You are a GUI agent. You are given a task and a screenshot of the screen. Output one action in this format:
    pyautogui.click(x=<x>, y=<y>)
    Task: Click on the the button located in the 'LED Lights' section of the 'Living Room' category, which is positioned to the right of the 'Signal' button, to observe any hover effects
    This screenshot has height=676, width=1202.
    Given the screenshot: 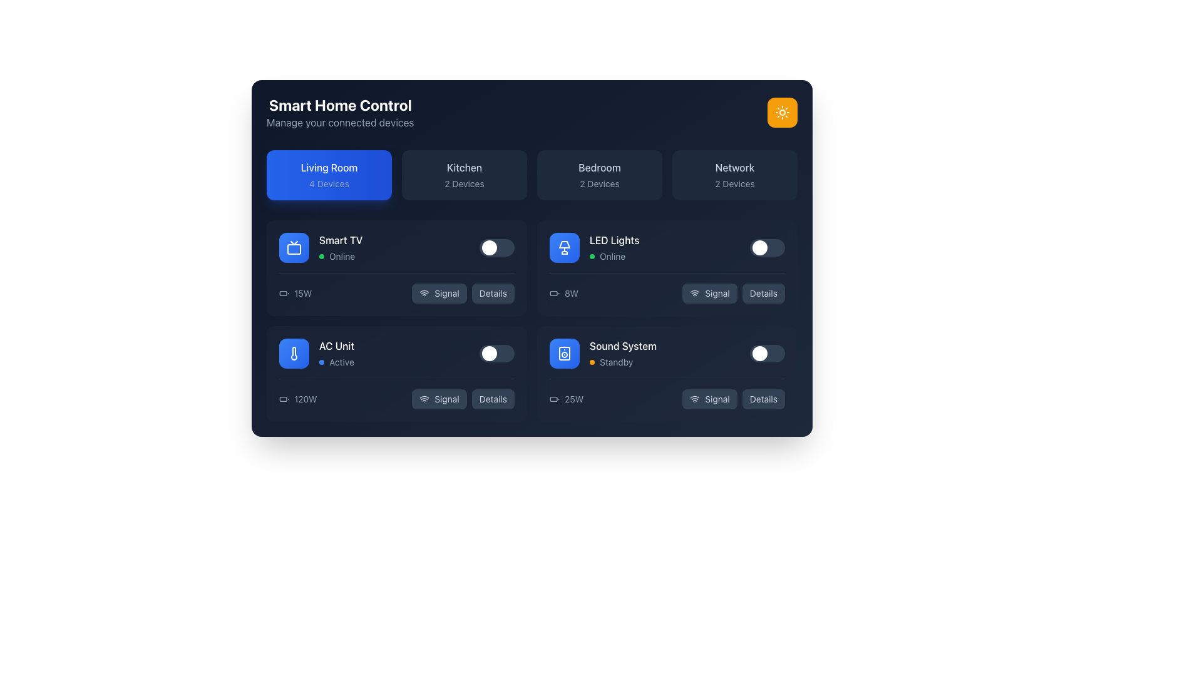 What is the action you would take?
    pyautogui.click(x=492, y=294)
    